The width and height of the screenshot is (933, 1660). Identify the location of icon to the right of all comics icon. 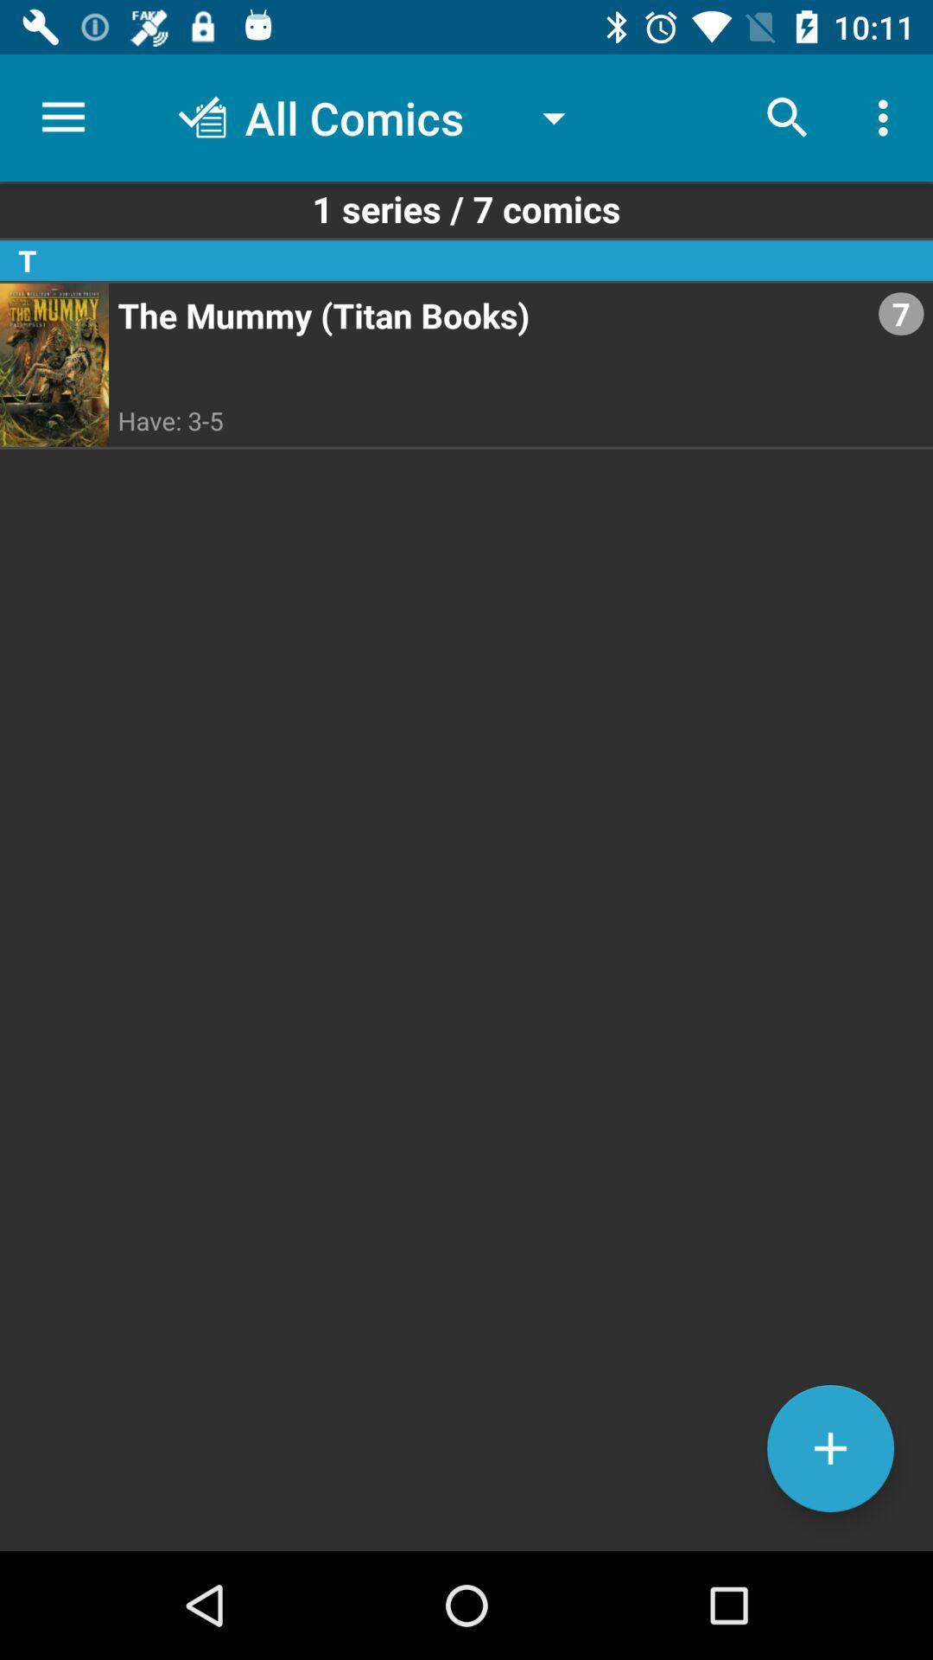
(787, 117).